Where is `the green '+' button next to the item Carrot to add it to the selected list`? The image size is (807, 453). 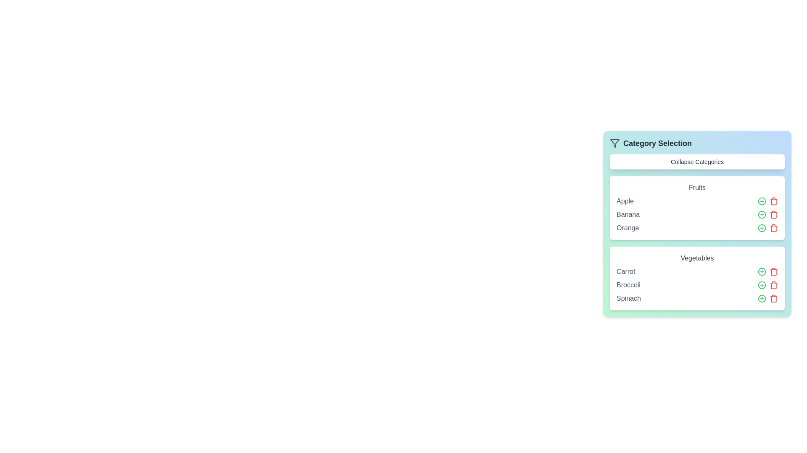 the green '+' button next to the item Carrot to add it to the selected list is located at coordinates (762, 272).